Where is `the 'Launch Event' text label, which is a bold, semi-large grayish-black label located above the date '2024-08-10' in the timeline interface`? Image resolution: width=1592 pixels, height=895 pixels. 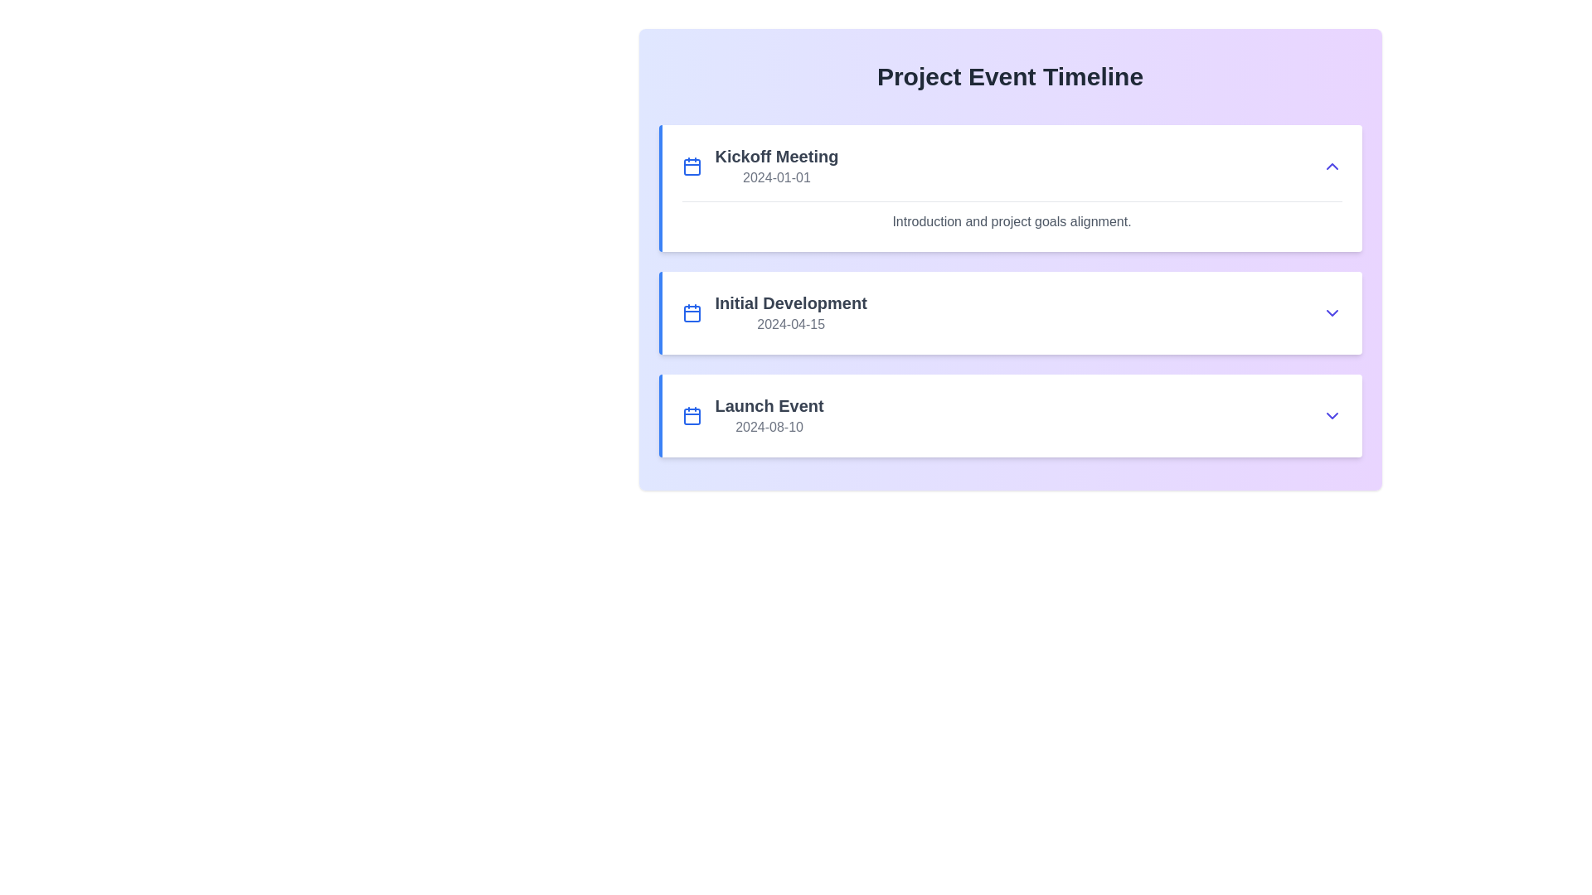 the 'Launch Event' text label, which is a bold, semi-large grayish-black label located above the date '2024-08-10' in the timeline interface is located at coordinates (769, 405).